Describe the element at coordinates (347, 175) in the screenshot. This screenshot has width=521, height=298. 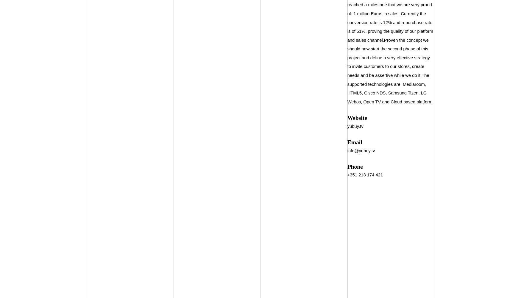
I see `'+351 213 174 421'` at that location.